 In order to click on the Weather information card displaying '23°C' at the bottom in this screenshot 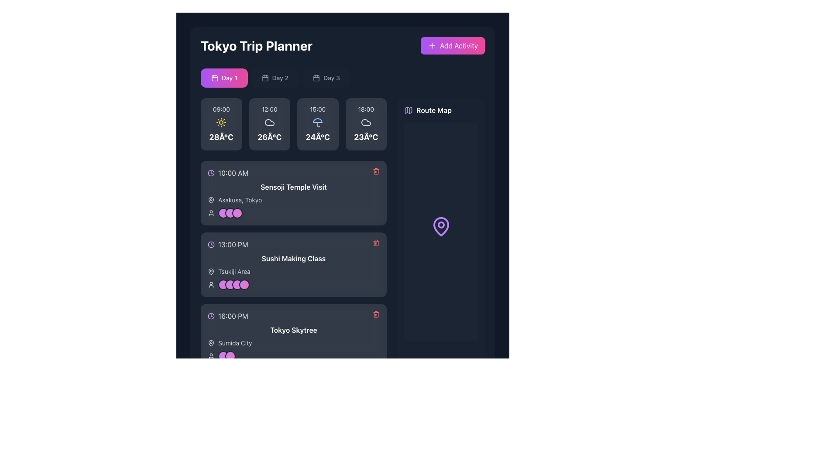, I will do `click(366, 124)`.